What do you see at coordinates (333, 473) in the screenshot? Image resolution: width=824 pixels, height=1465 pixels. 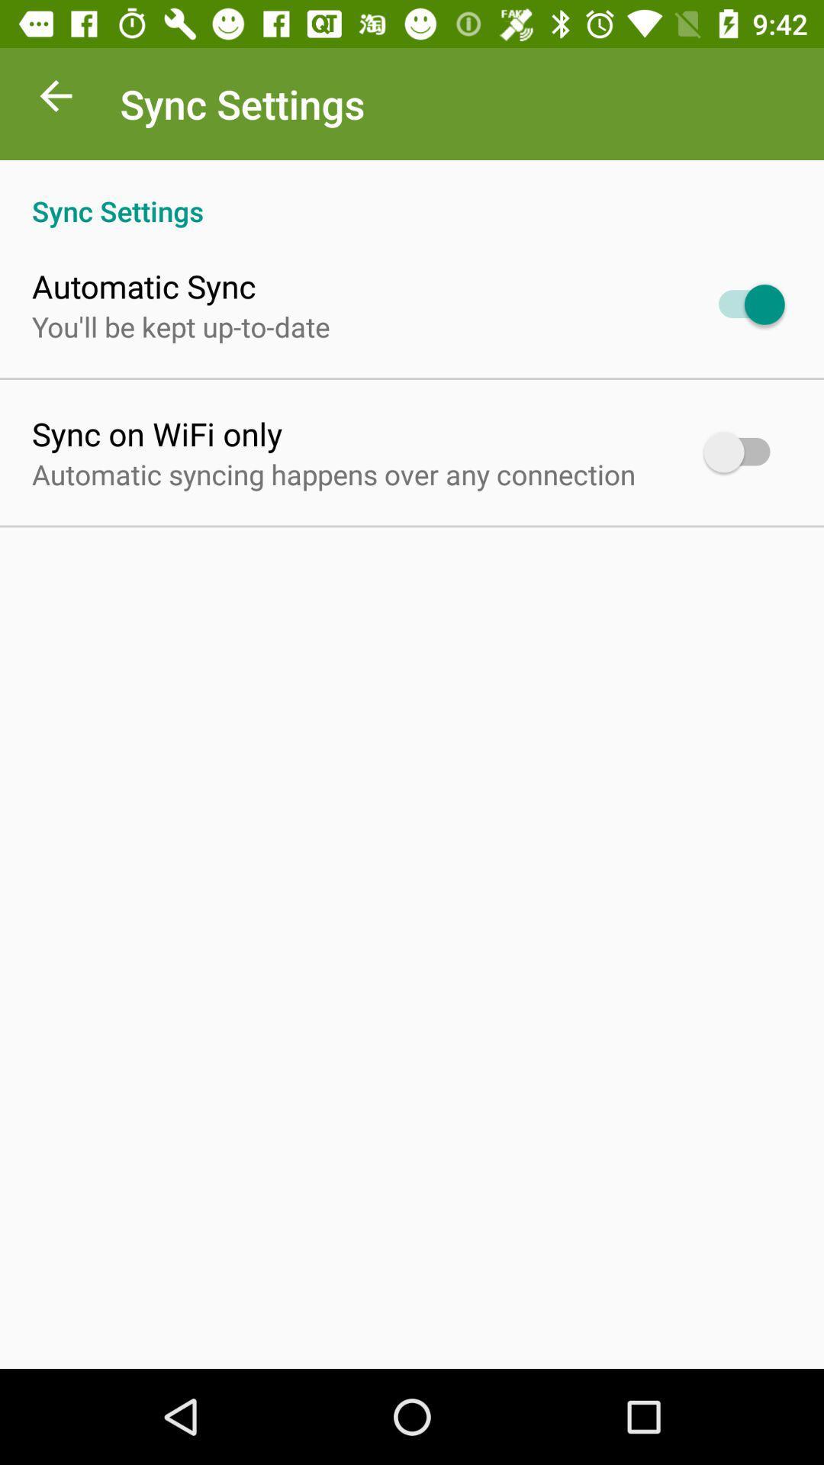 I see `automatic syncing happens icon` at bounding box center [333, 473].